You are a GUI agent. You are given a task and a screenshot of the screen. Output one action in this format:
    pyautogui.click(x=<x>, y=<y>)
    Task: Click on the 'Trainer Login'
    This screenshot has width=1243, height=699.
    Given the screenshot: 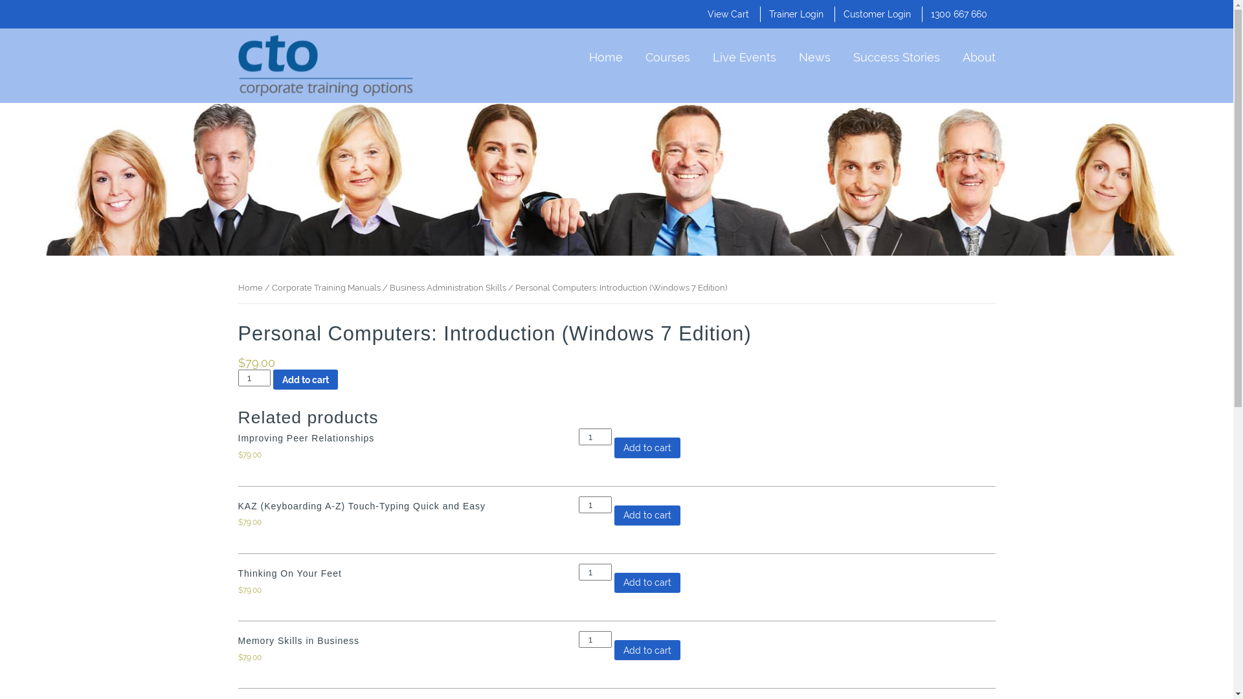 What is the action you would take?
    pyautogui.click(x=769, y=14)
    